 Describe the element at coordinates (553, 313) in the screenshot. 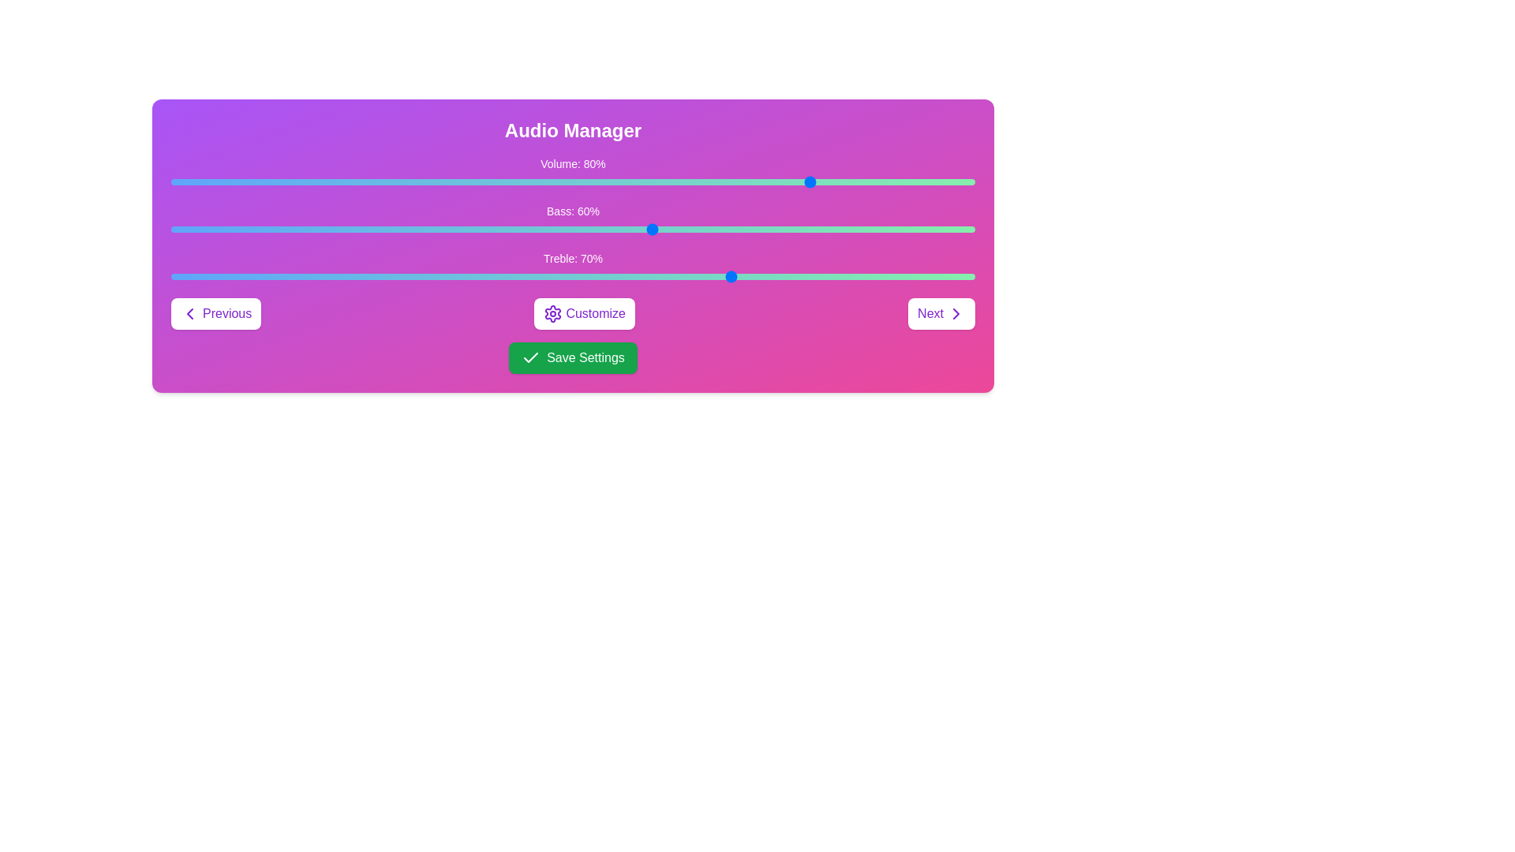

I see `the gear-shaped icon in purple located at the center of the 'Customize' button` at that location.